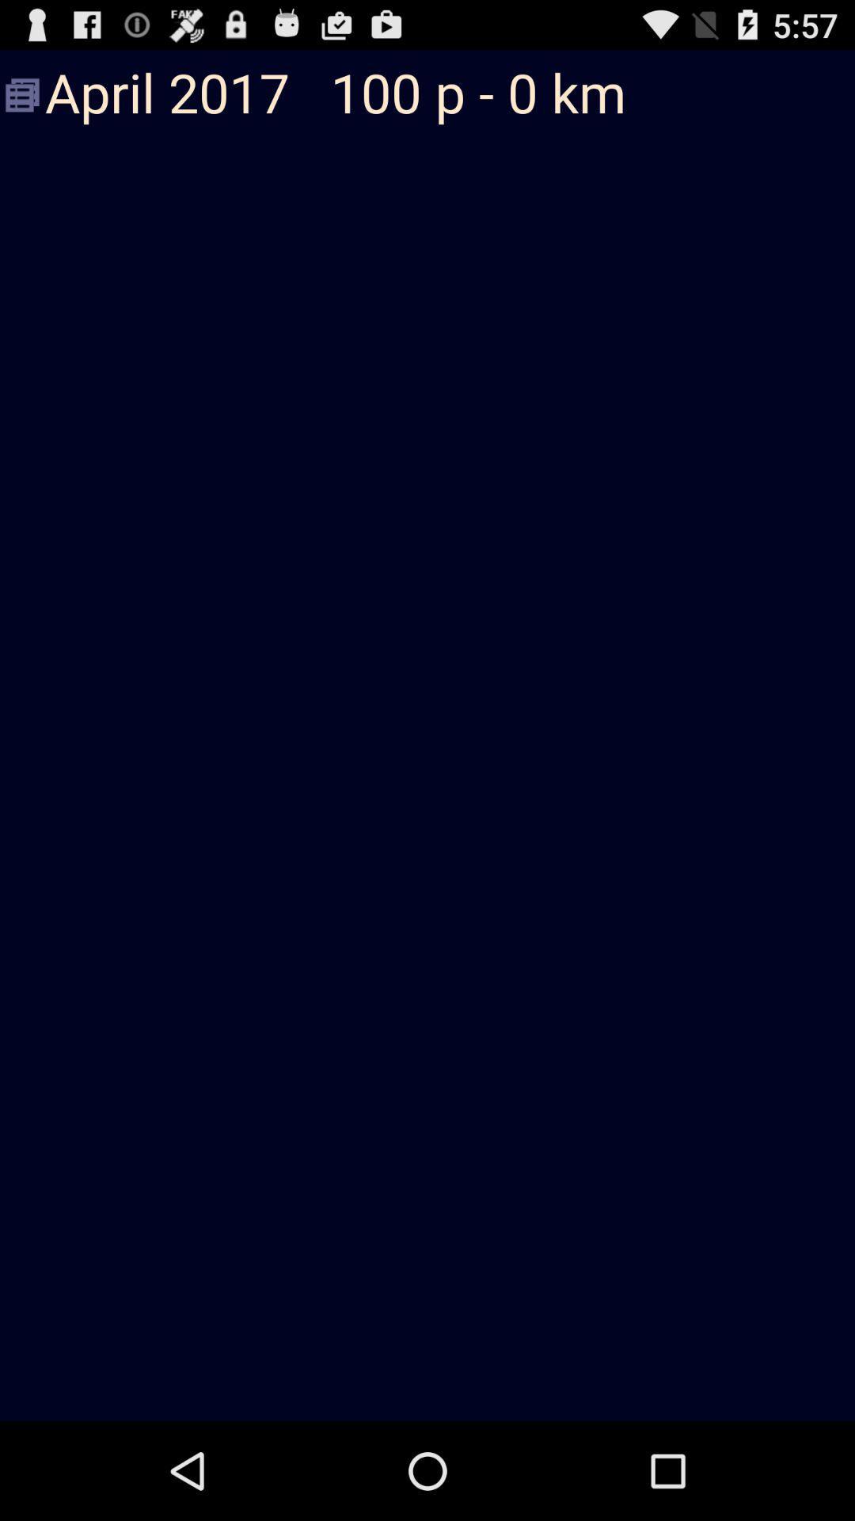 The width and height of the screenshot is (855, 1521). Describe the element at coordinates (427, 94) in the screenshot. I see `april 2017 100` at that location.